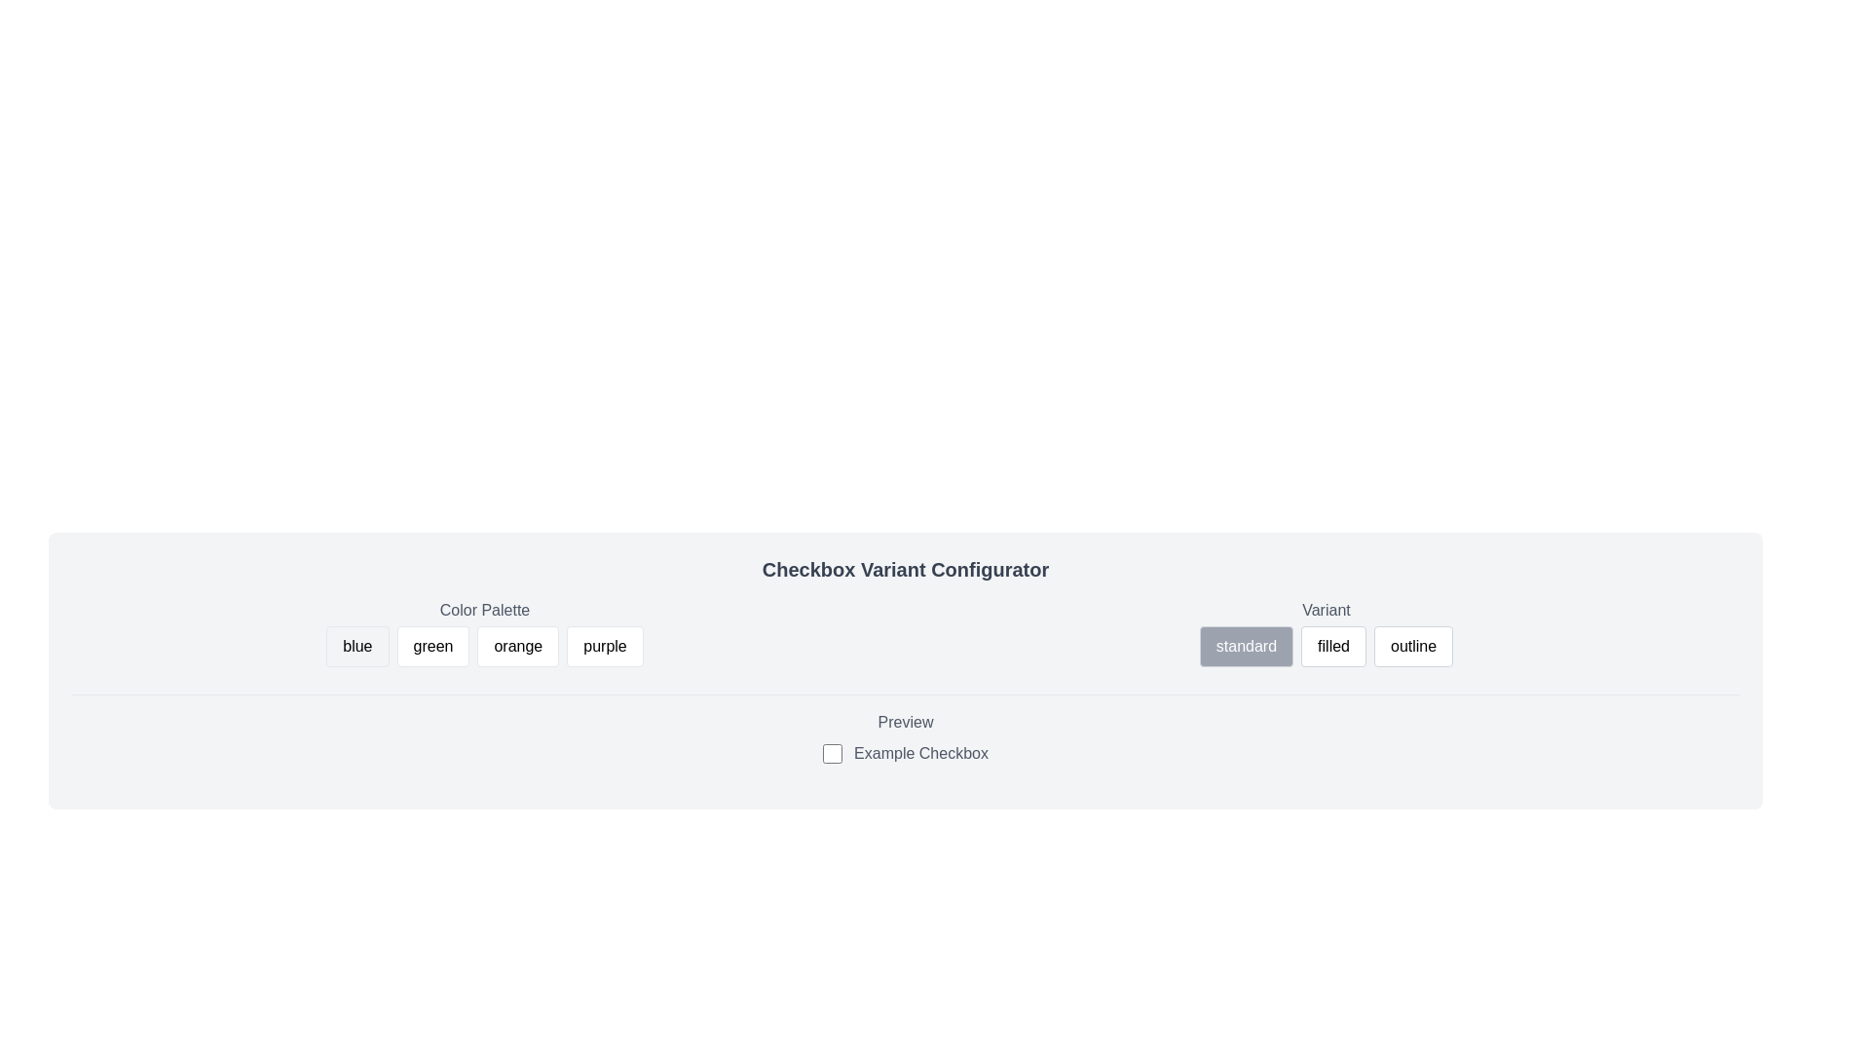 This screenshot has height=1052, width=1870. Describe the element at coordinates (1331, 646) in the screenshot. I see `the second button under the 'Variant' category` at that location.